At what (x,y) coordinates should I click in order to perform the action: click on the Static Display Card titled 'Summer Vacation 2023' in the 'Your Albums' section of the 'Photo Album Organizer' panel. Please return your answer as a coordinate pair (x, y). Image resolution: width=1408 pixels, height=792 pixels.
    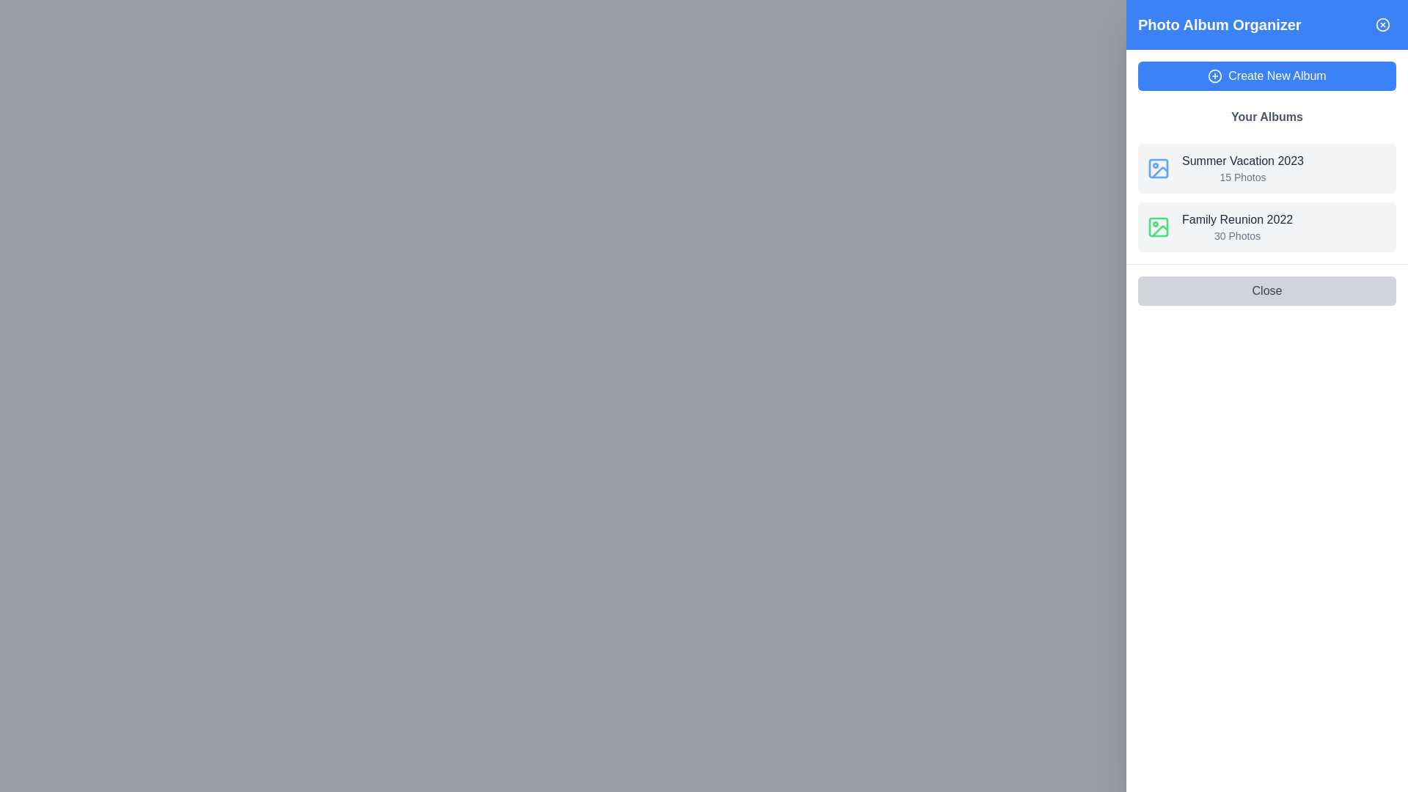
    Looking at the image, I should click on (1266, 168).